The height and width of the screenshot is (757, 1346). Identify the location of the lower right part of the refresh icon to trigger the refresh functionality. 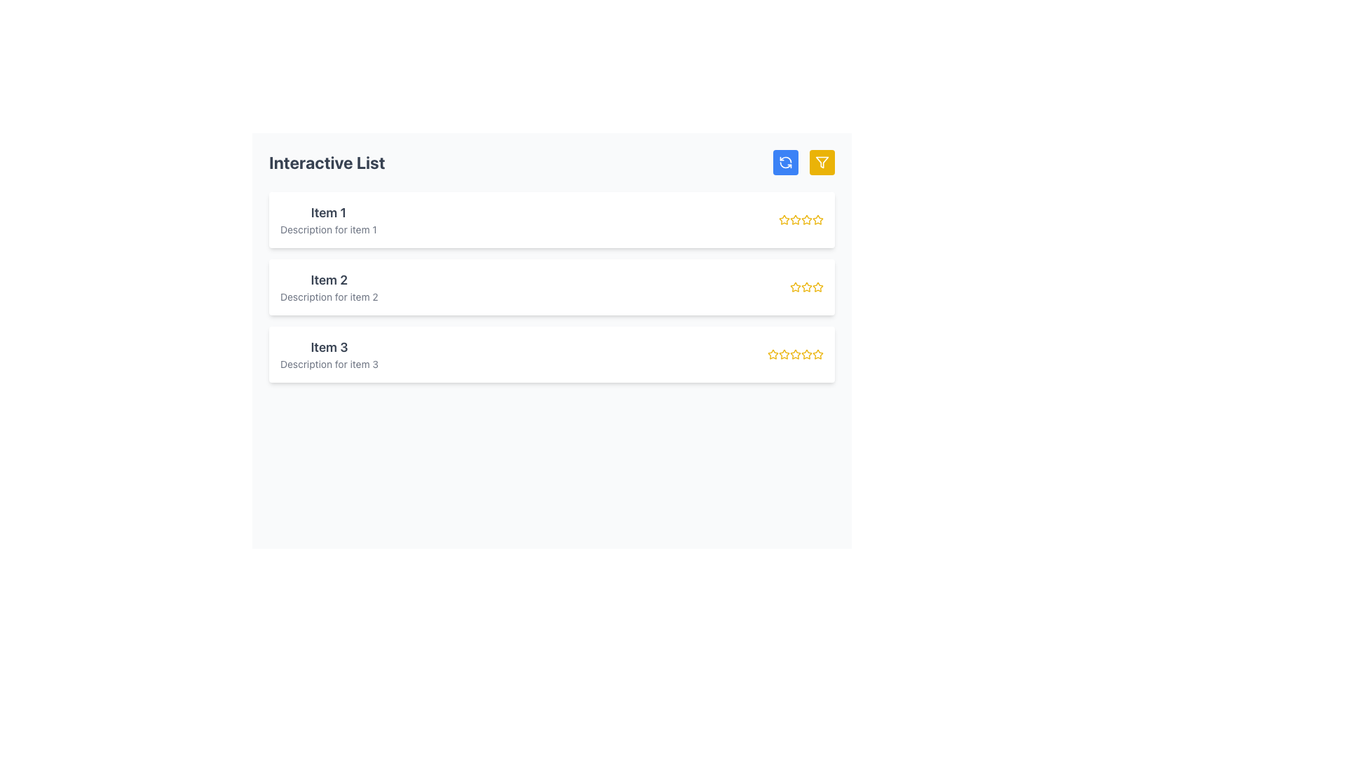
(786, 164).